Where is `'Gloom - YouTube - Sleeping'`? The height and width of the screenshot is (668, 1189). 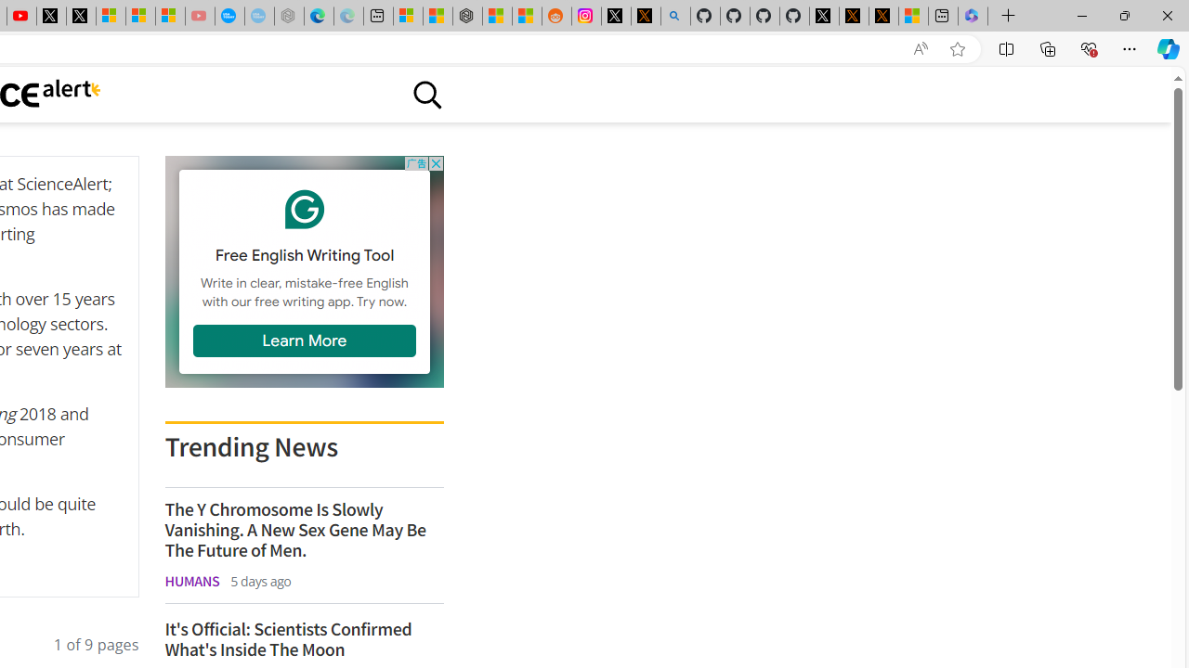
'Gloom - YouTube - Sleeping' is located at coordinates (200, 16).